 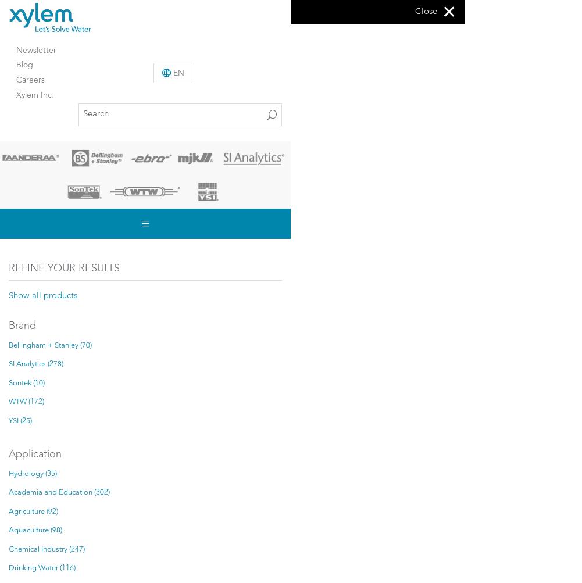 What do you see at coordinates (16, 64) in the screenshot?
I see `'Blog'` at bounding box center [16, 64].